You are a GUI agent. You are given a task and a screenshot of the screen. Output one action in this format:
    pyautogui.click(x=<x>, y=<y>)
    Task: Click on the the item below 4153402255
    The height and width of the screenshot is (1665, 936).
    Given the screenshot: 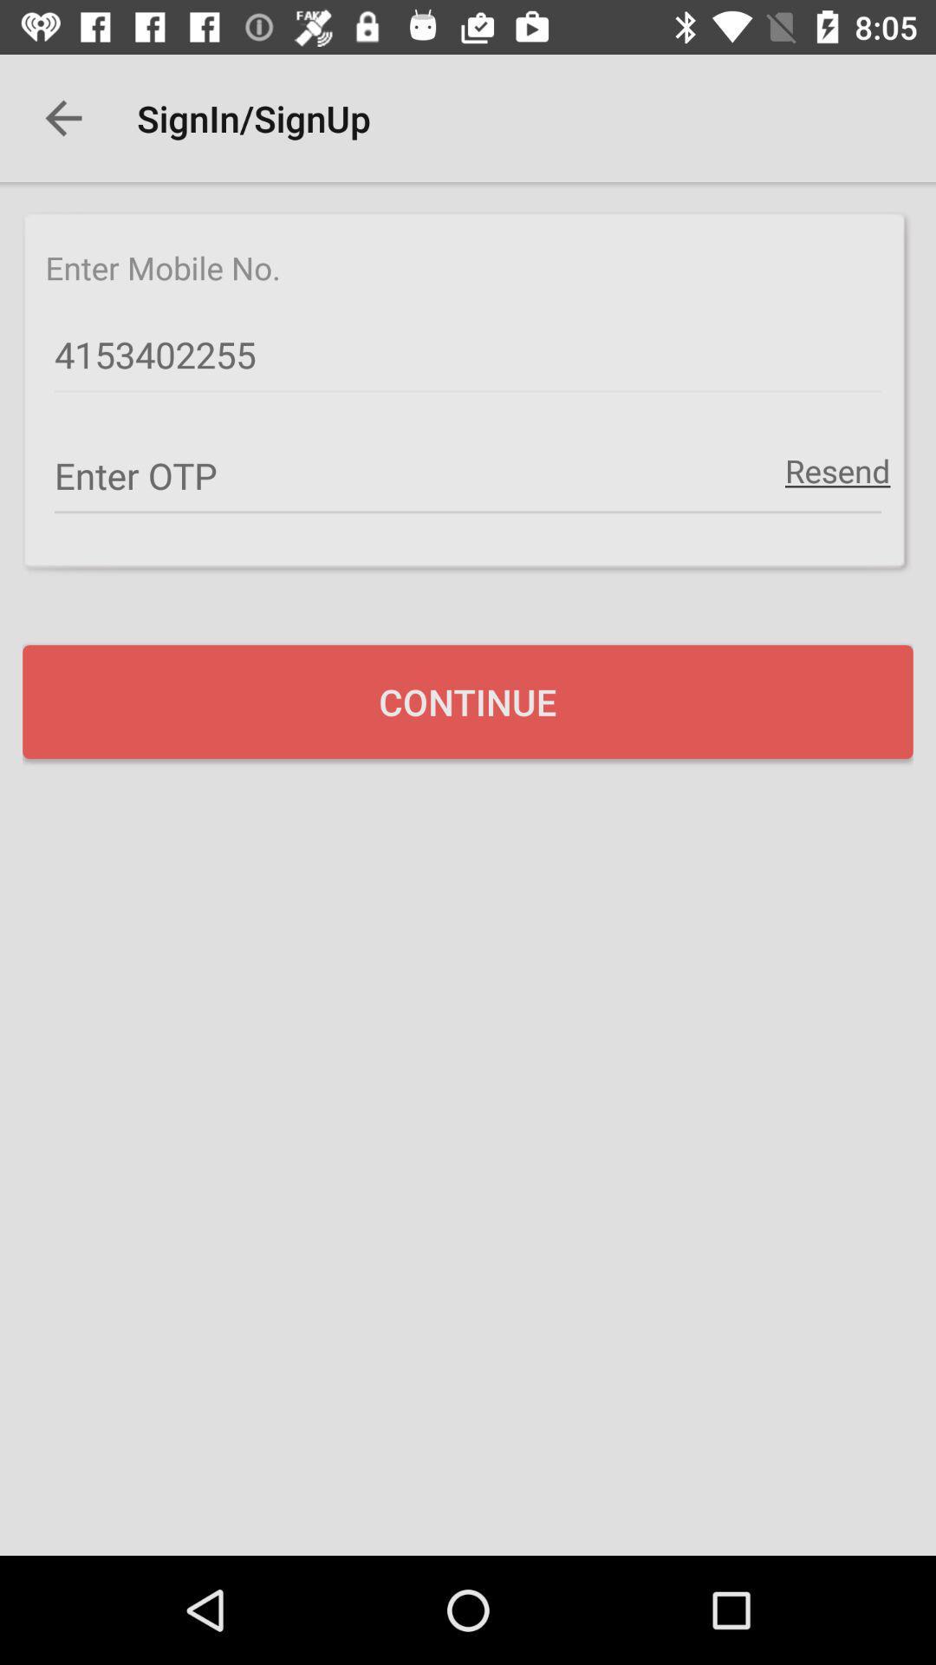 What is the action you would take?
    pyautogui.click(x=468, y=476)
    